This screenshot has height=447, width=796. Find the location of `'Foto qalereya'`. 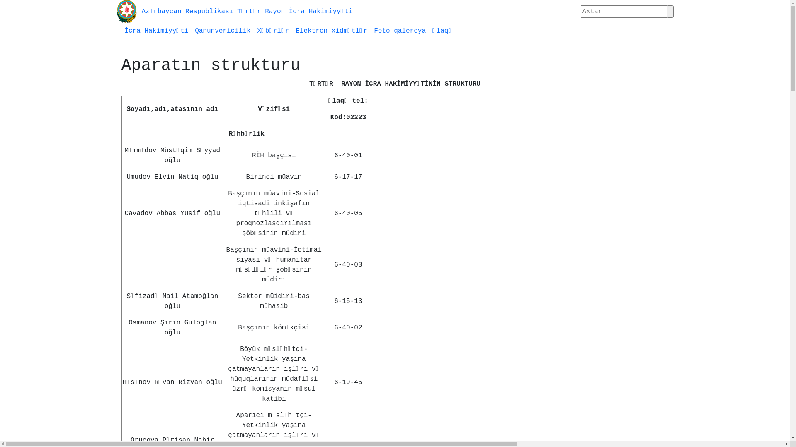

'Foto qalereya' is located at coordinates (400, 30).